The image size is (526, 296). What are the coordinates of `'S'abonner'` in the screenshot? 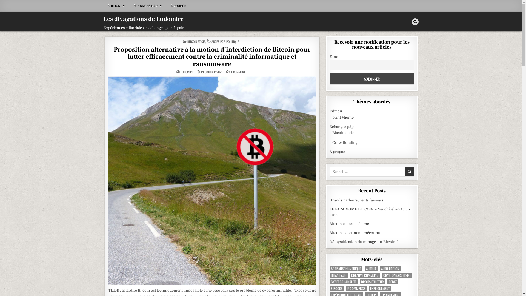 It's located at (372, 79).